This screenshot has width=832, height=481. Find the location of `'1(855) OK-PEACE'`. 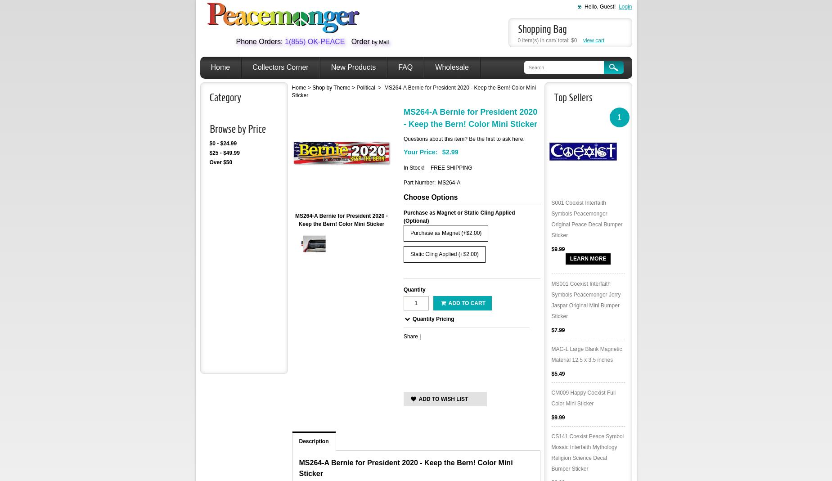

'1(855) OK-PEACE' is located at coordinates (314, 40).